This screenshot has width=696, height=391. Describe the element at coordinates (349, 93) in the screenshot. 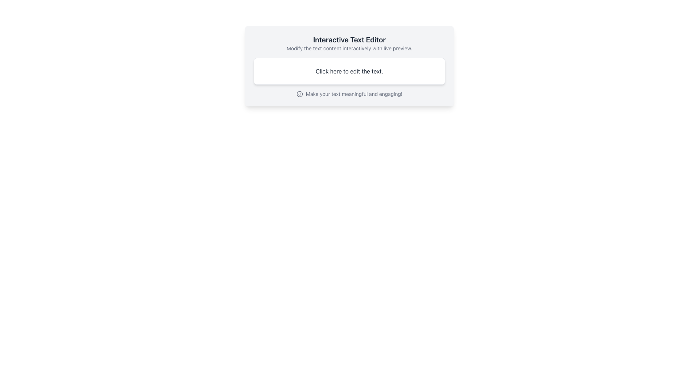

I see `the motivational Text Label that provides instructional messages, positioned below the 'Click here to edit the text' button` at that location.